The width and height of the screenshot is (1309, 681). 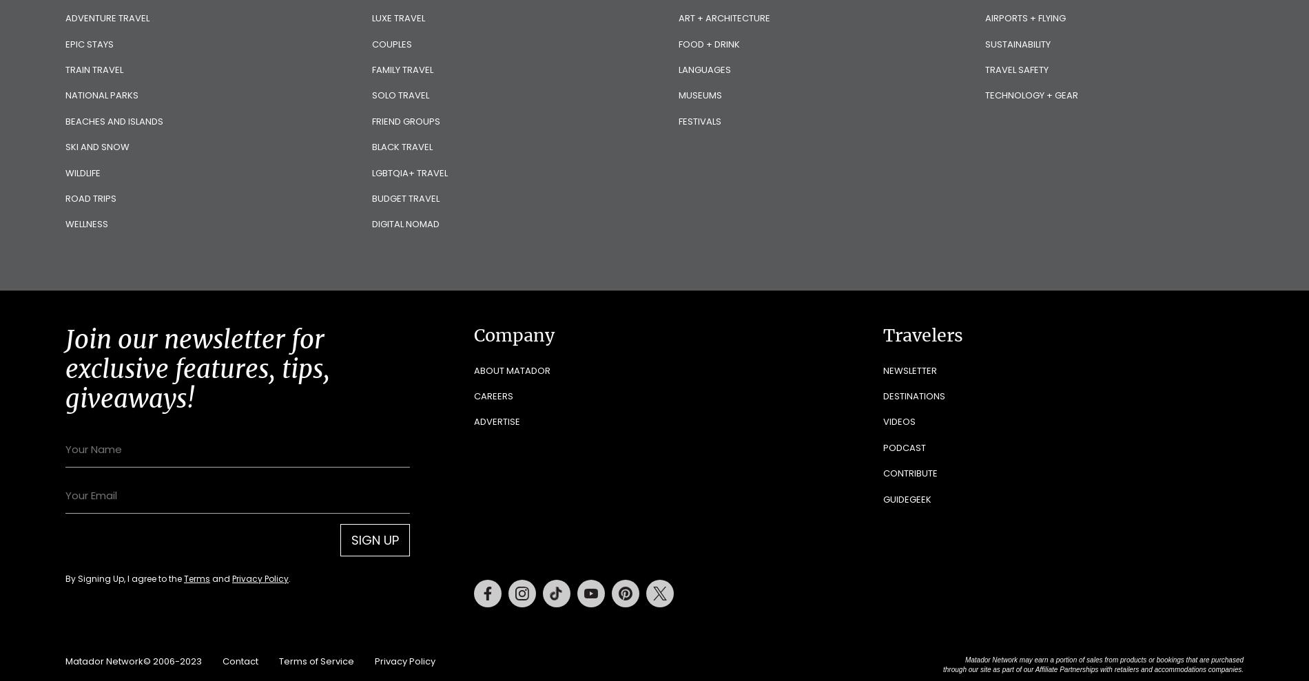 What do you see at coordinates (65, 121) in the screenshot?
I see `'Beaches and Islands'` at bounding box center [65, 121].